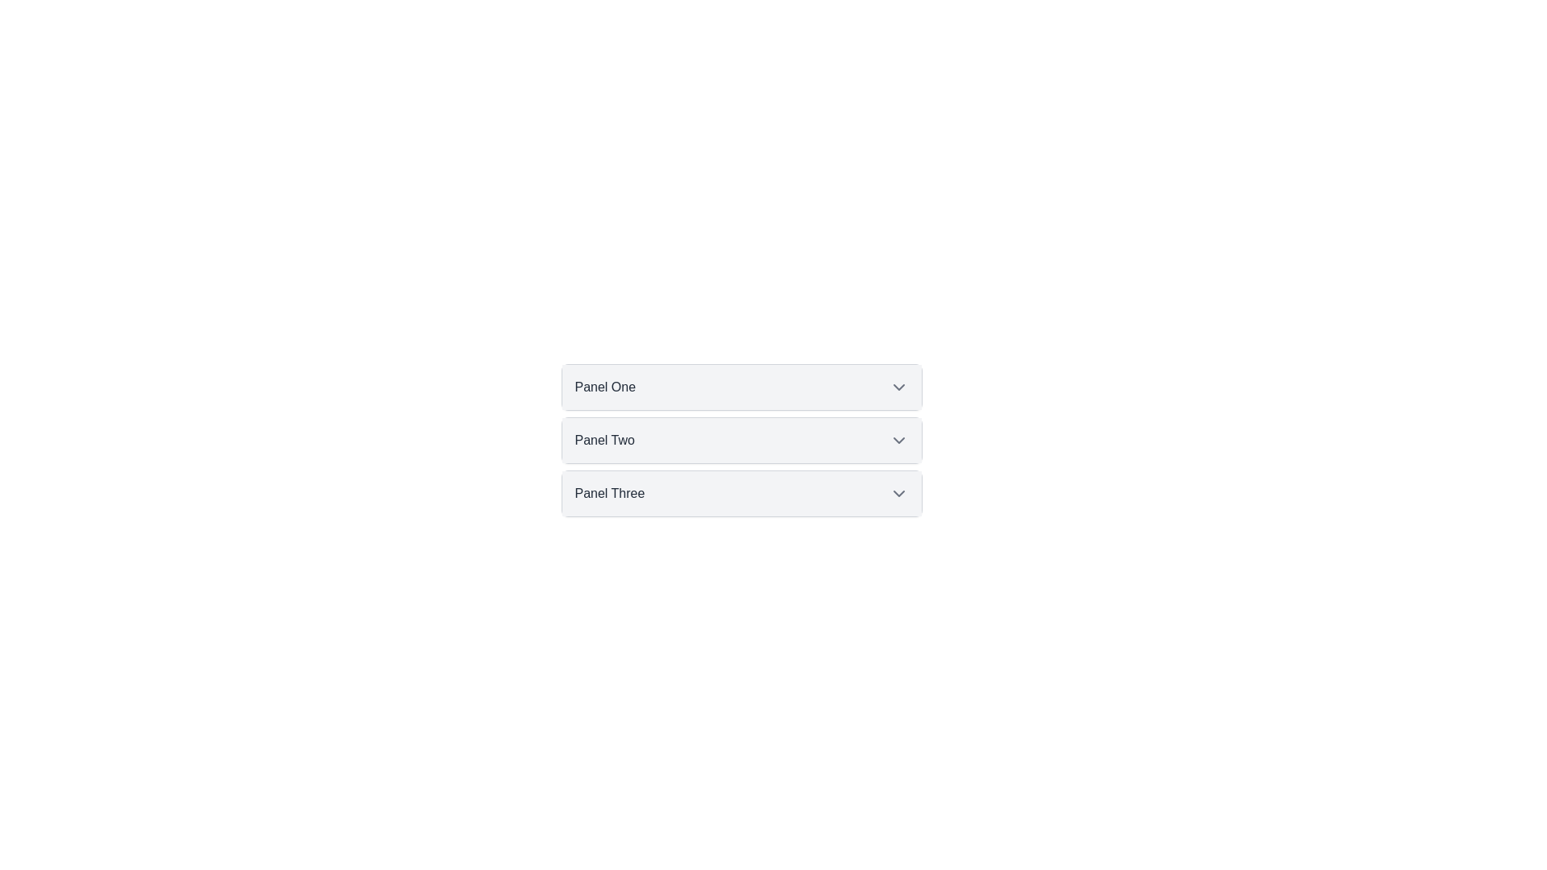 The width and height of the screenshot is (1547, 870). I want to click on the chevron-shaped icon, so click(898, 387).